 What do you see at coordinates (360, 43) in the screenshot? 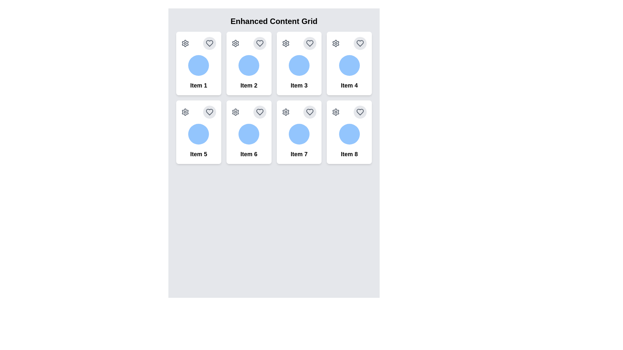
I see `the heart icon located in the top right corner of the card titled 'Item 4', which serves as a toggle for favoriting an item` at bounding box center [360, 43].